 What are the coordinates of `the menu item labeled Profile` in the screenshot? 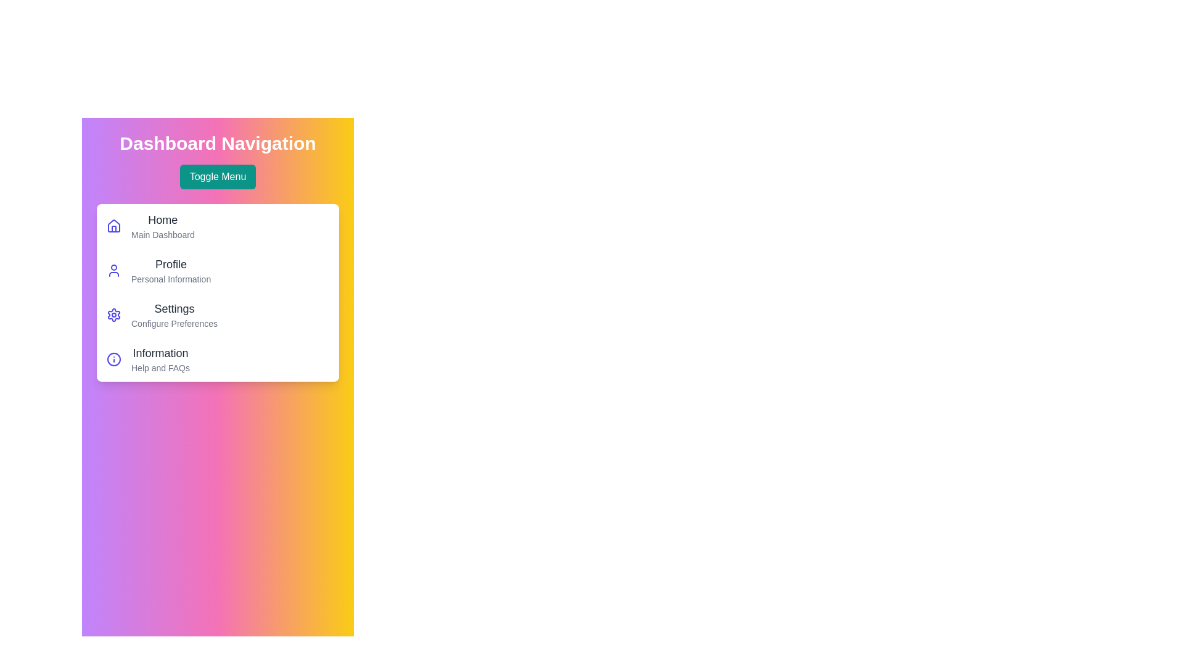 It's located at (170, 263).